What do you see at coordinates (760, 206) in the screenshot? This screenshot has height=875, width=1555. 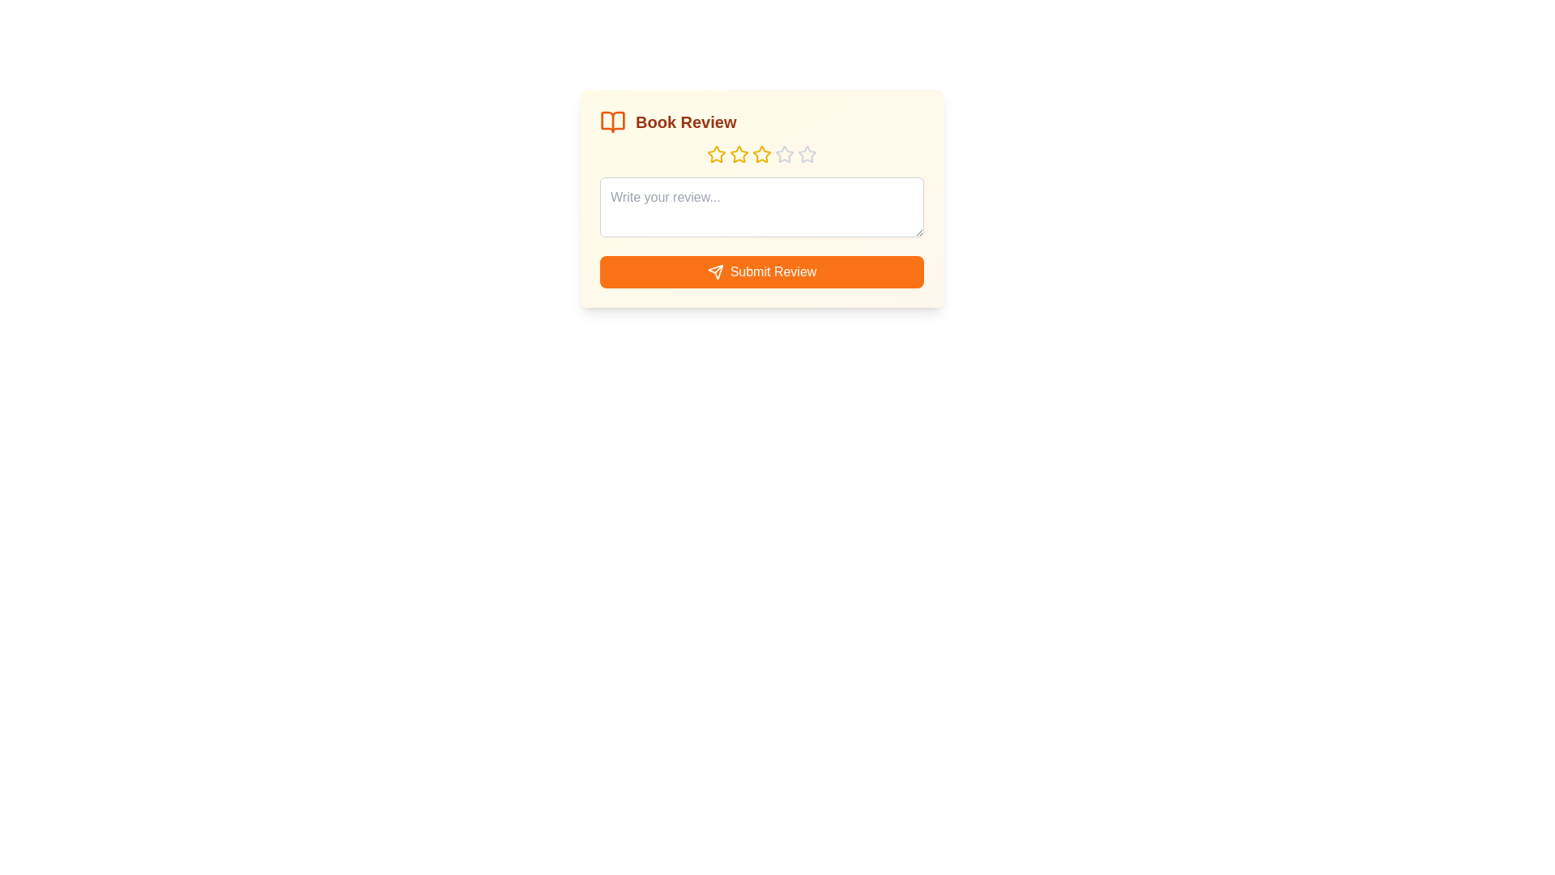 I see `the text area and type the specified review text` at bounding box center [760, 206].